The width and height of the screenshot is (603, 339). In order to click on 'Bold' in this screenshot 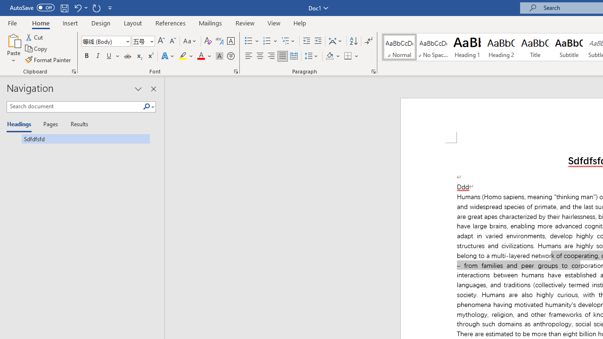, I will do `click(86, 56)`.